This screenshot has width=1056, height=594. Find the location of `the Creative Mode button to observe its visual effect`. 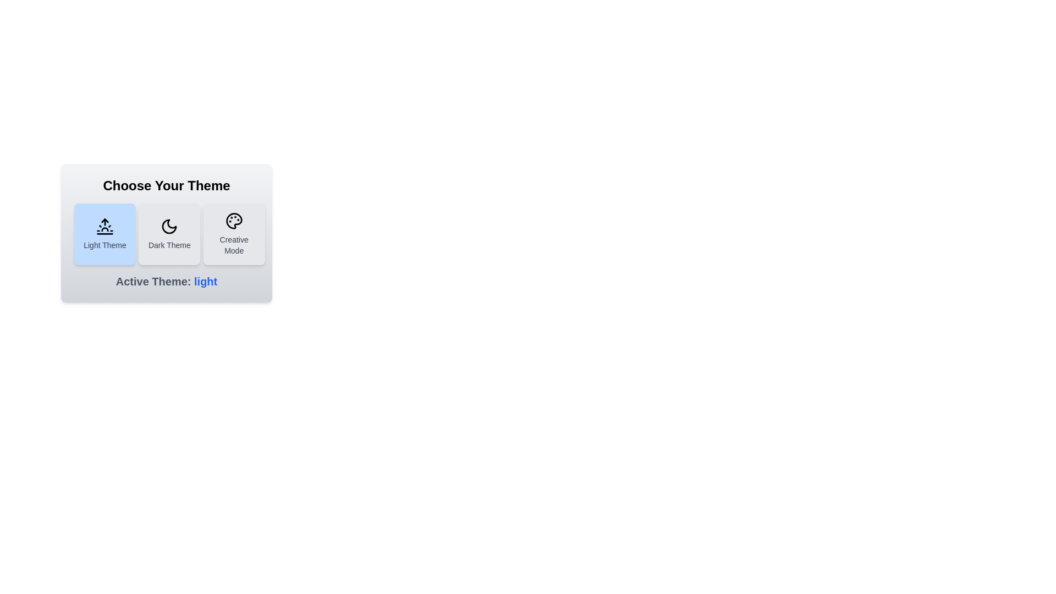

the Creative Mode button to observe its visual effect is located at coordinates (234, 233).